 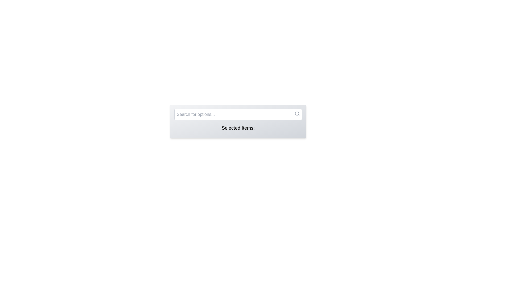 I want to click on the circular element of the magnifying glass icon, which is part of the SVG vector graphic located in the upper-right corner of the search input field, so click(x=297, y=113).